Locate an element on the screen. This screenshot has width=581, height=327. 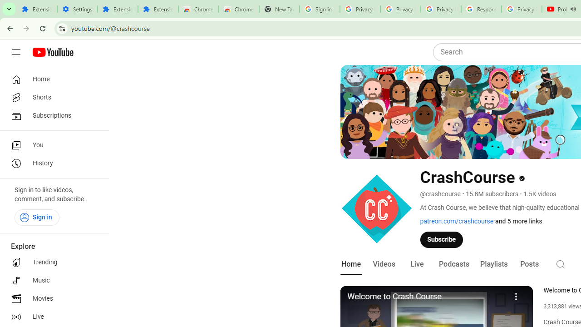
'Sign in - Google Accounts' is located at coordinates (320, 9).